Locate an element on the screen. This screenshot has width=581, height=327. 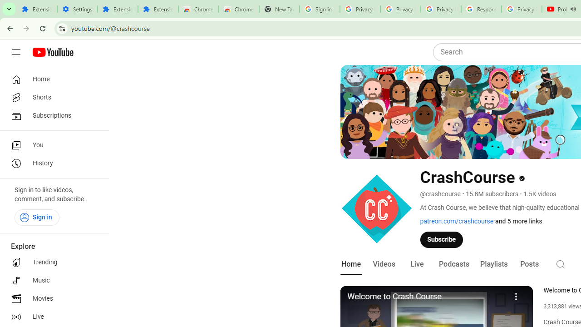
'Sign in - Google Accounts' is located at coordinates (320, 9).